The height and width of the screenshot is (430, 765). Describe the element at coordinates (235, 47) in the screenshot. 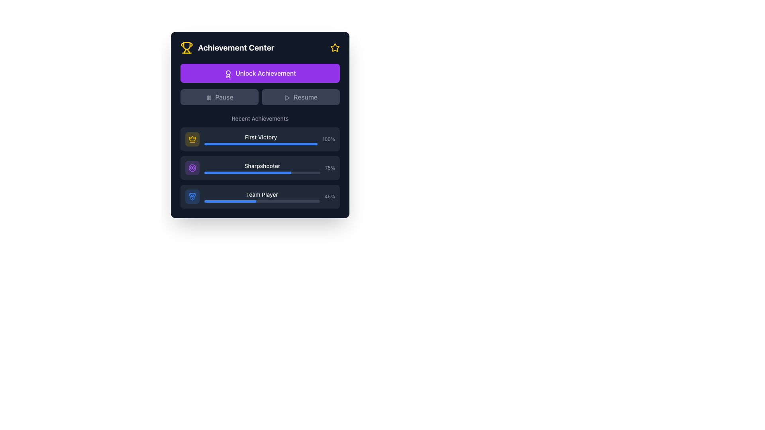

I see `text content of the bold, large-font white label that says 'Achievement Center', positioned to the right of a trophy icon in the header section` at that location.